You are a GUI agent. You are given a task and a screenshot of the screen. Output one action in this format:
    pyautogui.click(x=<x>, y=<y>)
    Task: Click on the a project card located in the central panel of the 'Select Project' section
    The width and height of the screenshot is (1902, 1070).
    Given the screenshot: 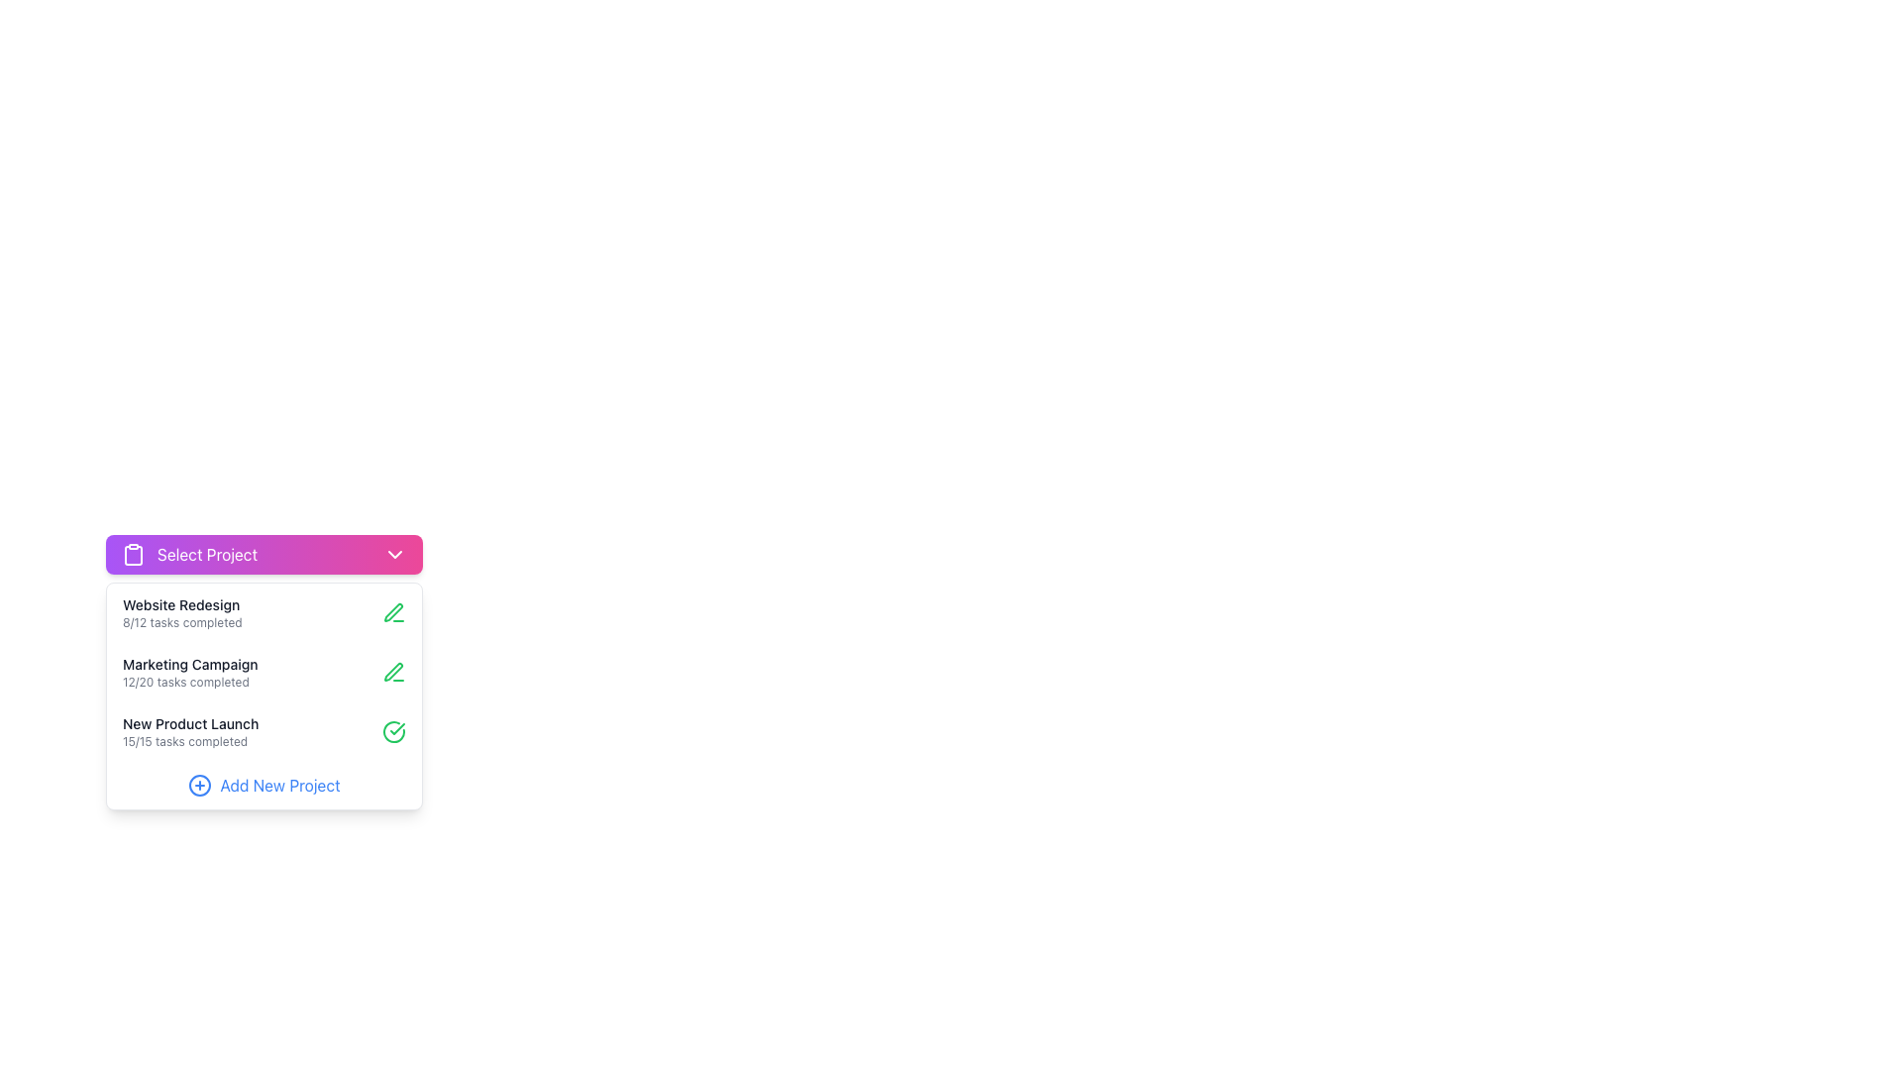 What is the action you would take?
    pyautogui.click(x=264, y=671)
    